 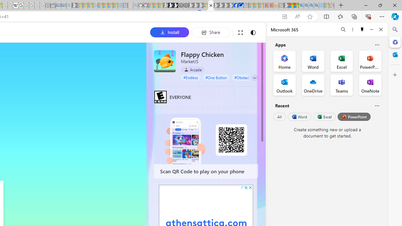 I want to click on 'Home | Sky Blue Bikes - Sky Blue Bikes - Sleeping', so click(x=120, y=5).